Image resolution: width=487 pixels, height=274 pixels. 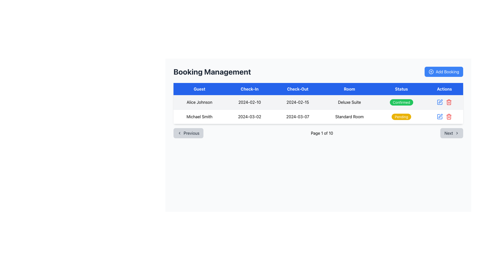 I want to click on the 'Add Booking' button located in the top-right corner of the 'Booking Management' section to initiate the process of adding a new booking, so click(x=443, y=72).